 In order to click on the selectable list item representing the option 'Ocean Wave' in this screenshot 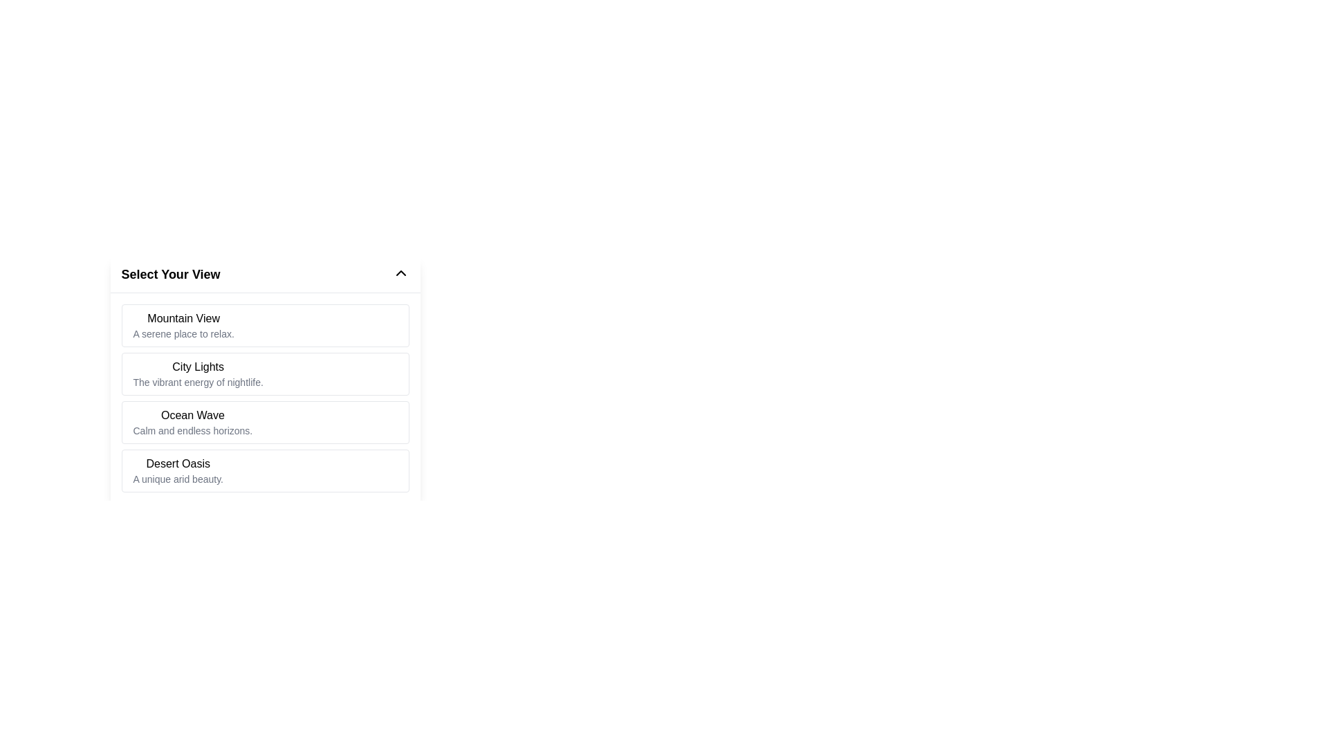, I will do `click(265, 421)`.